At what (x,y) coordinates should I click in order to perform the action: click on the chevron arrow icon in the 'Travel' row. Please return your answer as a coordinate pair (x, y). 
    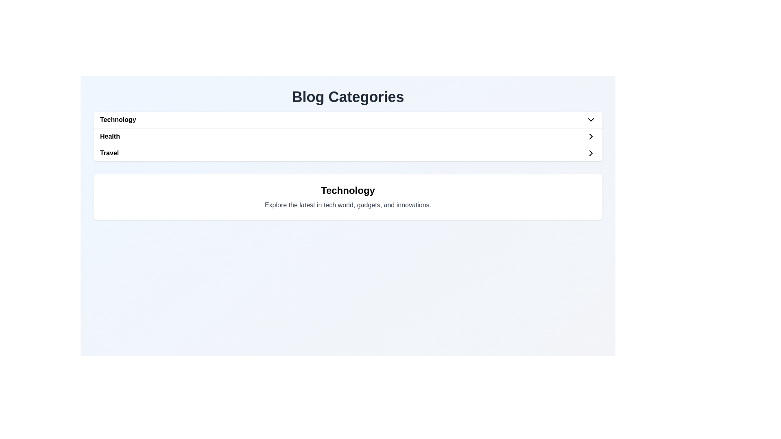
    Looking at the image, I should click on (591, 153).